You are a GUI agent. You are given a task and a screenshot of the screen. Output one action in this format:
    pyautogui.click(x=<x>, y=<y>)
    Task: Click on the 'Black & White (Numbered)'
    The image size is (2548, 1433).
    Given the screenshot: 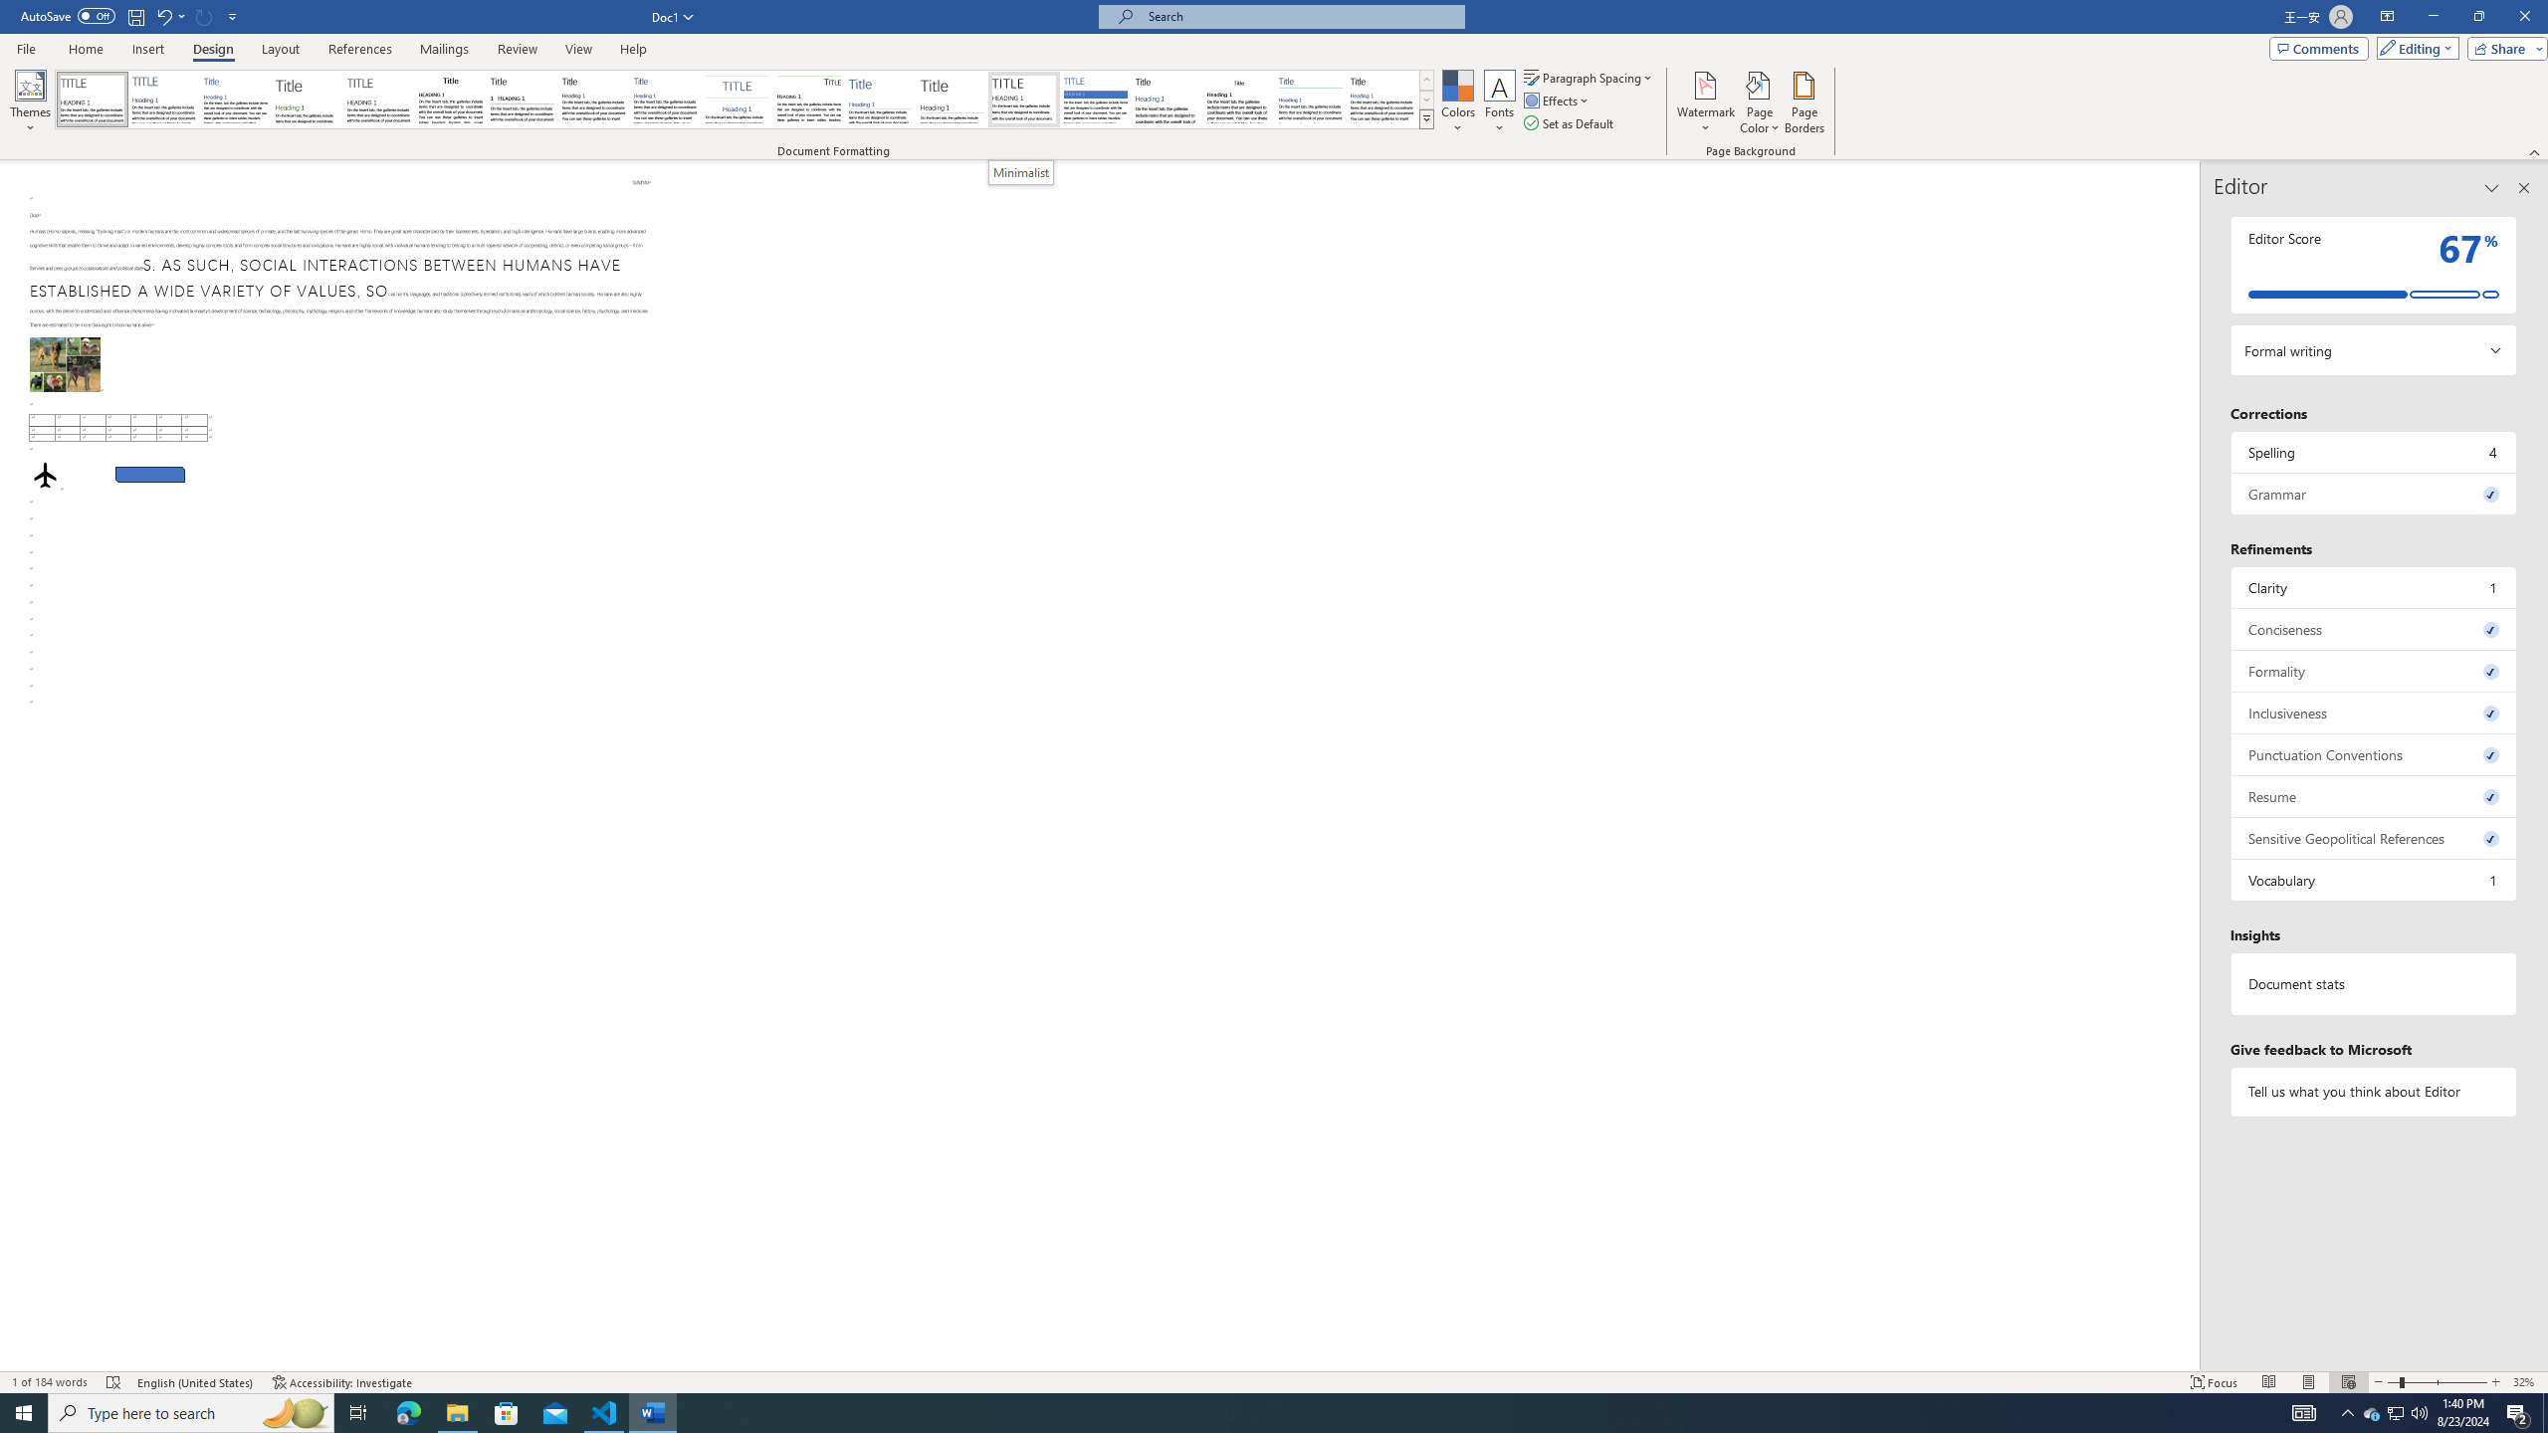 What is the action you would take?
    pyautogui.click(x=521, y=99)
    